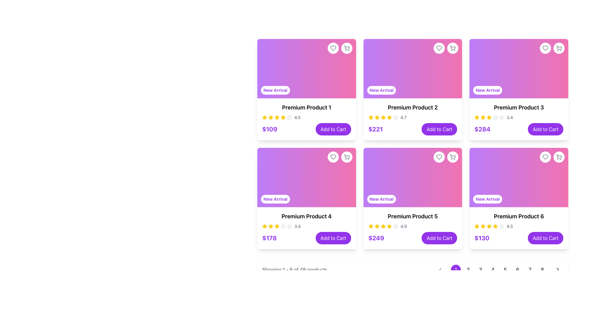 The image size is (593, 334). I want to click on the shopping cart icon in the top-right corner of the 'Premium Product 3' card, so click(559, 48).